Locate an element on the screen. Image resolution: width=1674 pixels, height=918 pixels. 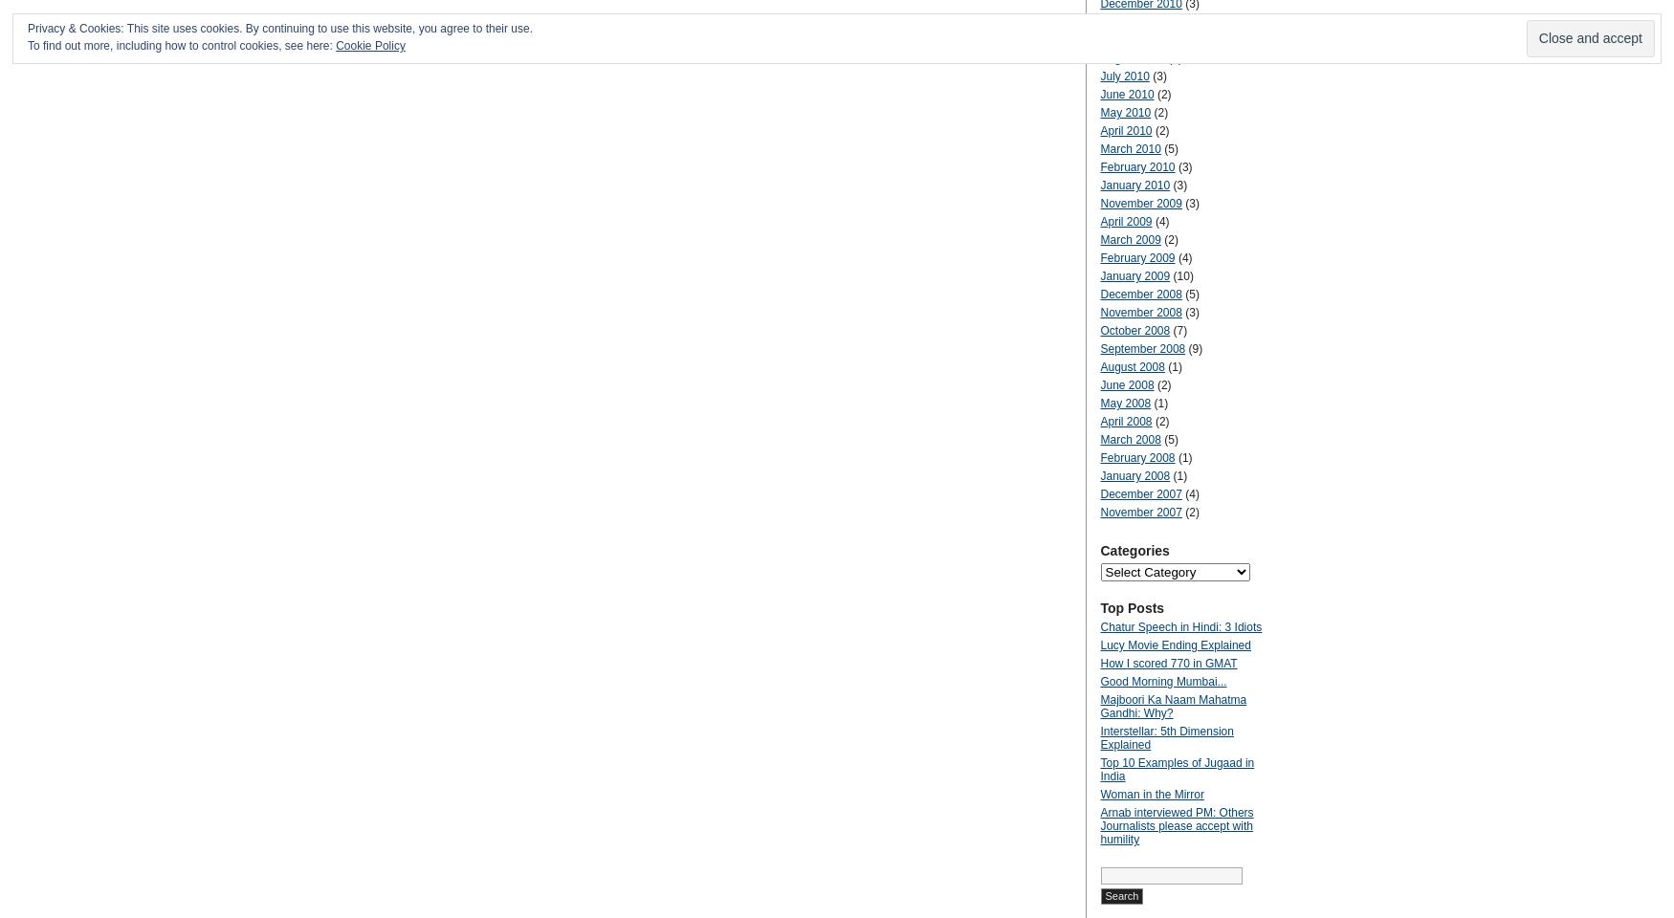
'Top Posts' is located at coordinates (1098, 607).